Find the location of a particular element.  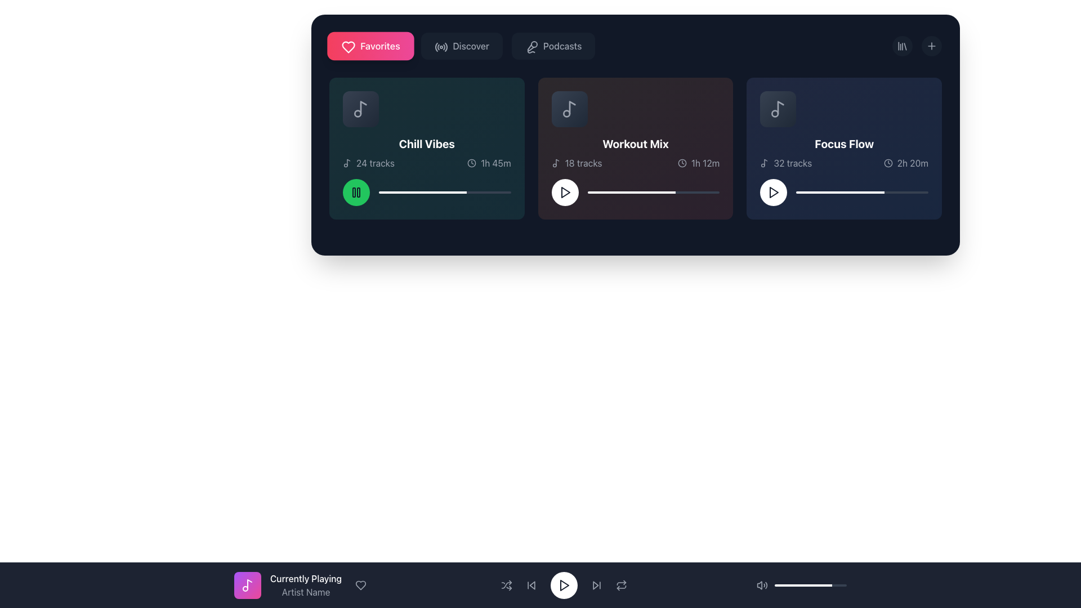

the static text label that displays the number of tracks in the music collection, located at the bottom of the third card in a horizontal list of music collections is located at coordinates (792, 163).